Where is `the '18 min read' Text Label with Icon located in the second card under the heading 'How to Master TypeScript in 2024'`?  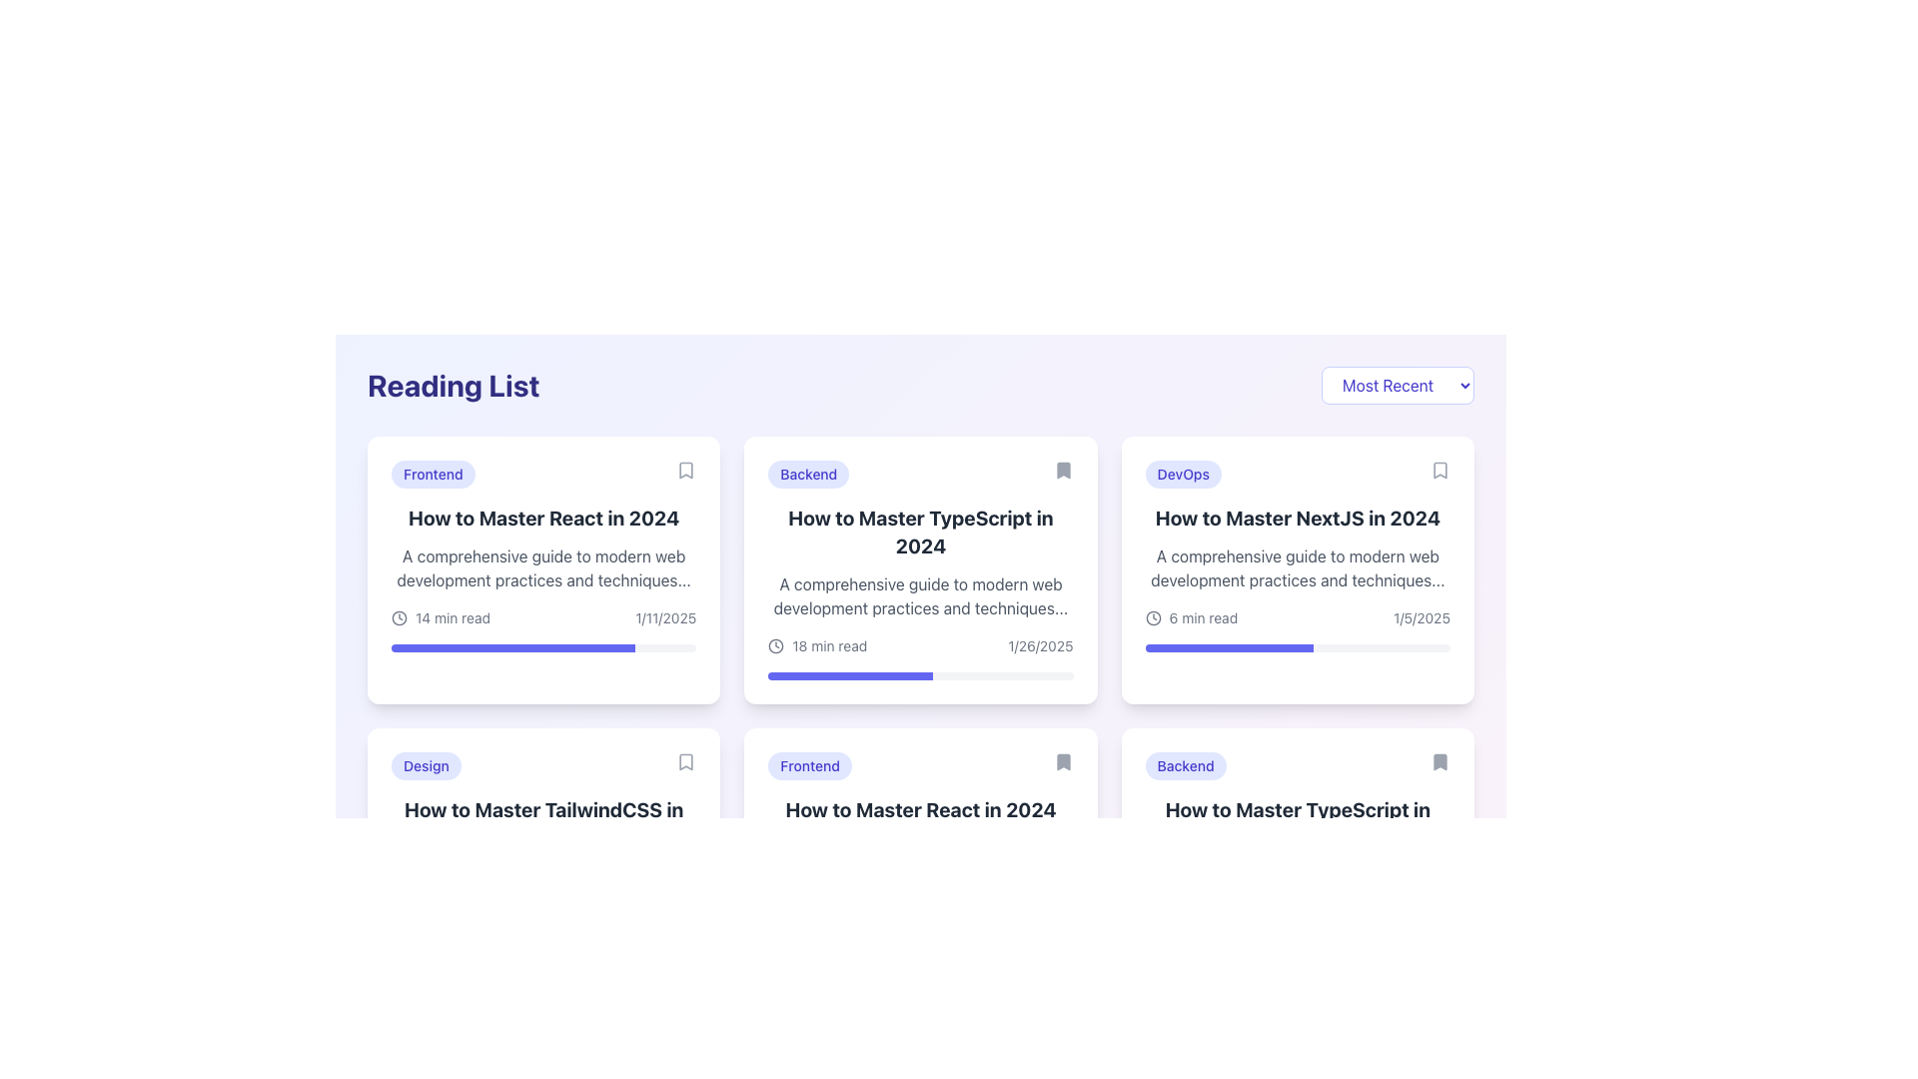
the '18 min read' Text Label with Icon located in the second card under the heading 'How to Master TypeScript in 2024' is located at coordinates (817, 646).